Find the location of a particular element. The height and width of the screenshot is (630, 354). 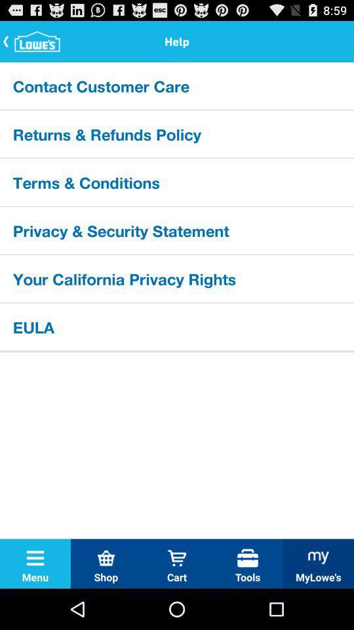

returns & refunds policy icon is located at coordinates (177, 134).